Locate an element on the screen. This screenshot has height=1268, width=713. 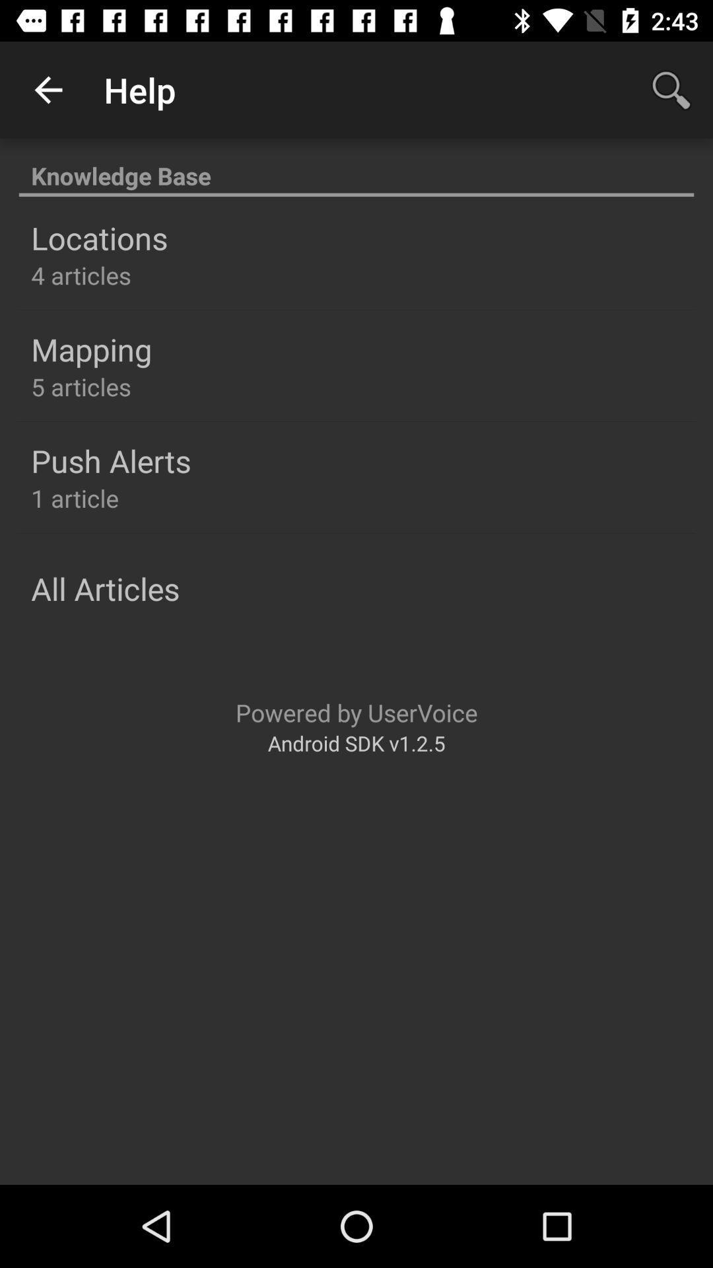
icon at the top right corner is located at coordinates (671, 89).